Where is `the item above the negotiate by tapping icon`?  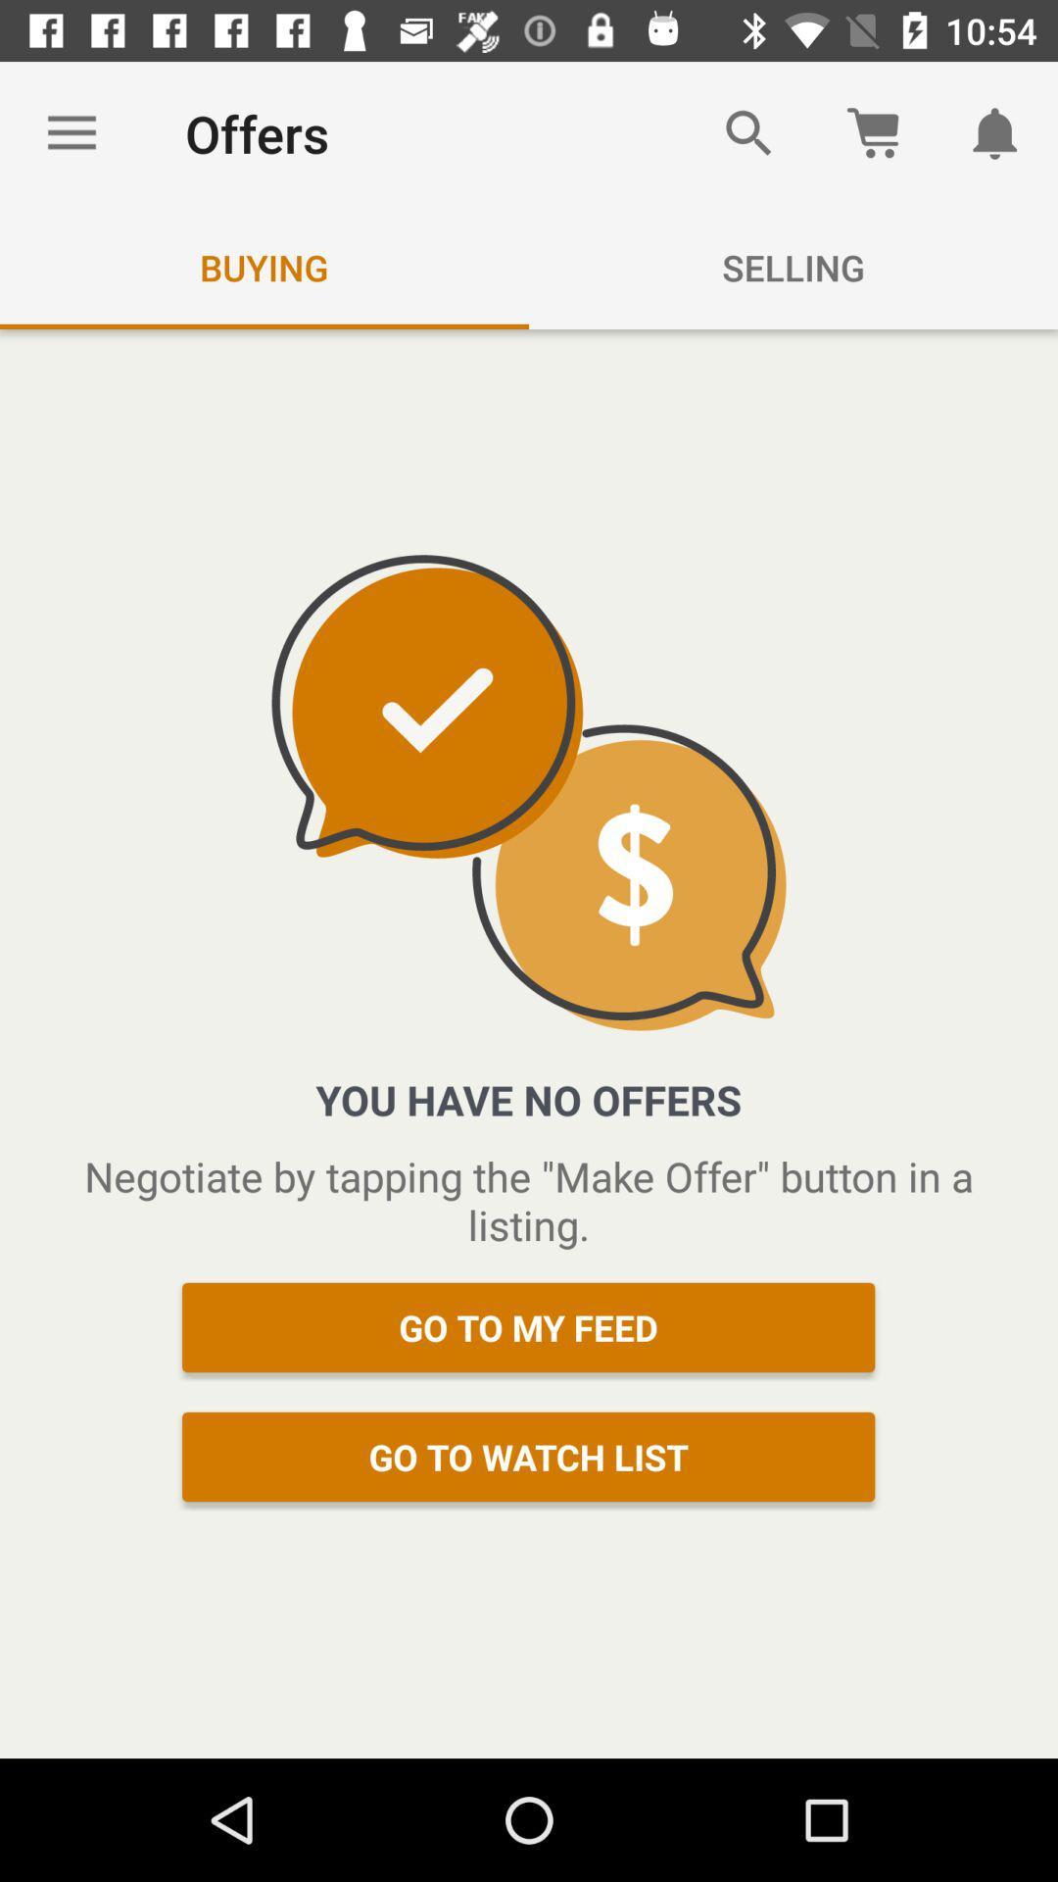 the item above the negotiate by tapping icon is located at coordinates (996, 132).